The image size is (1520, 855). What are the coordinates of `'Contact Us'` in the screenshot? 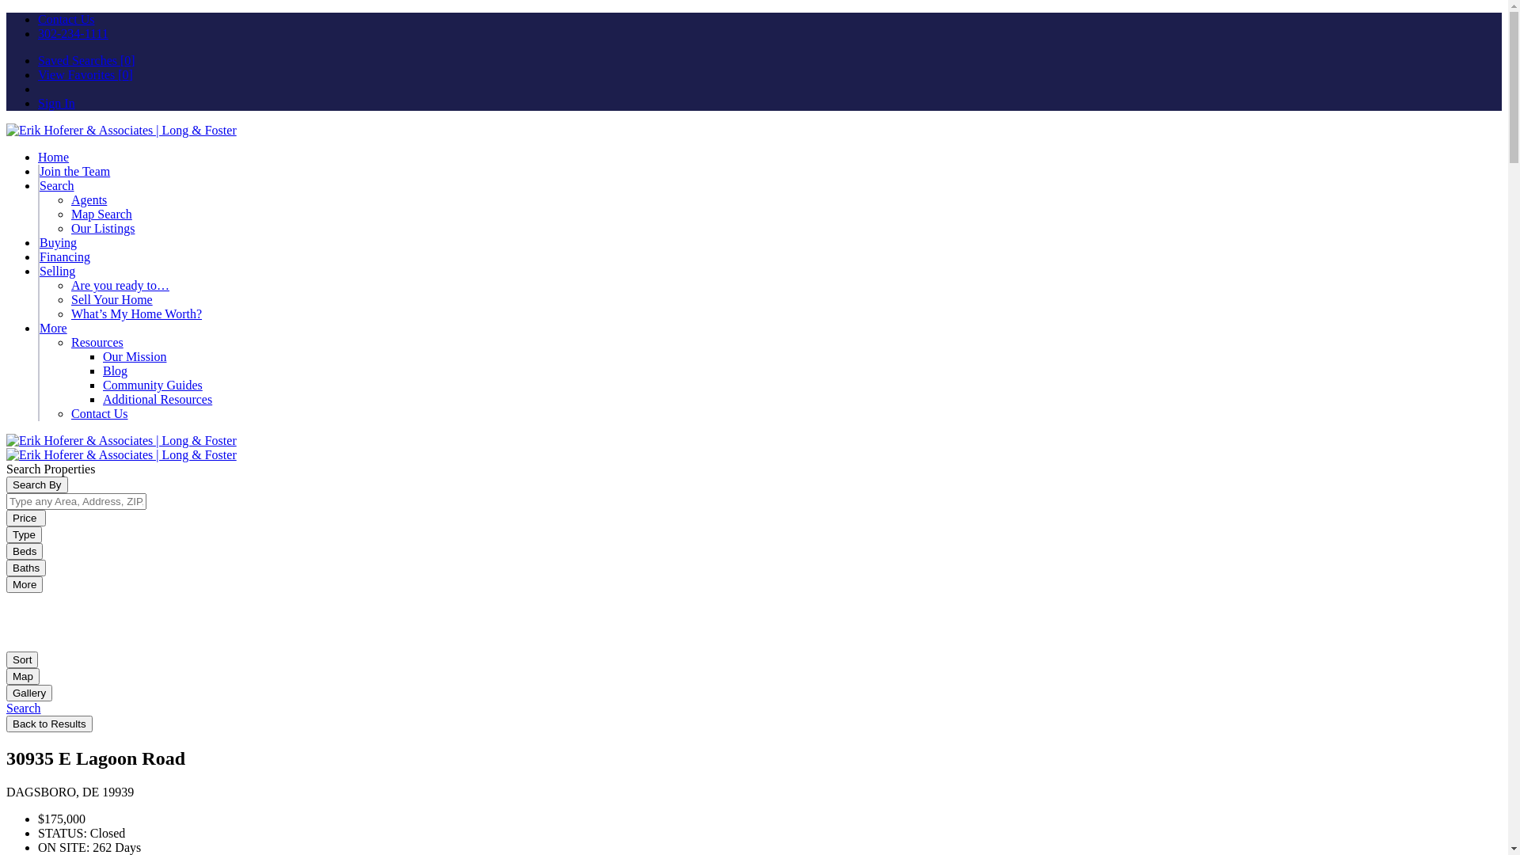 It's located at (70, 412).